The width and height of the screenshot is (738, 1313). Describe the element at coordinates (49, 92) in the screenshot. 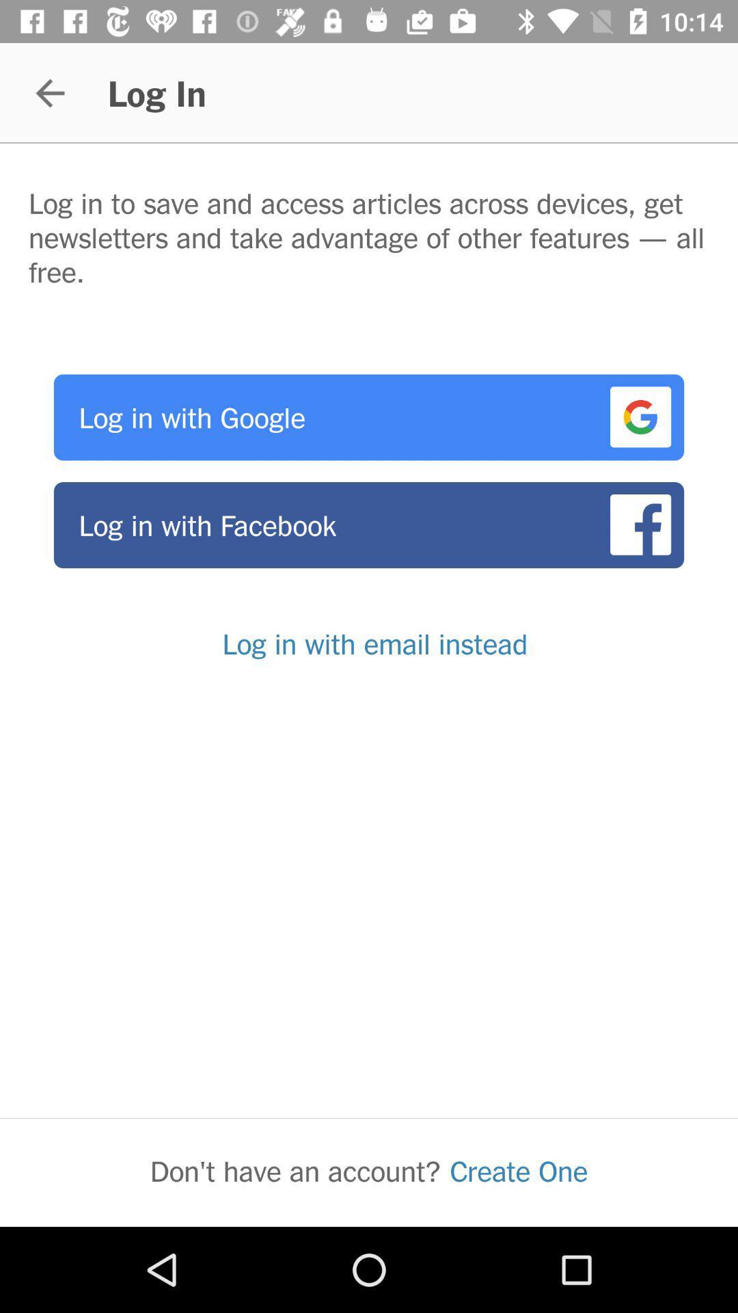

I see `the item next to the log in app` at that location.